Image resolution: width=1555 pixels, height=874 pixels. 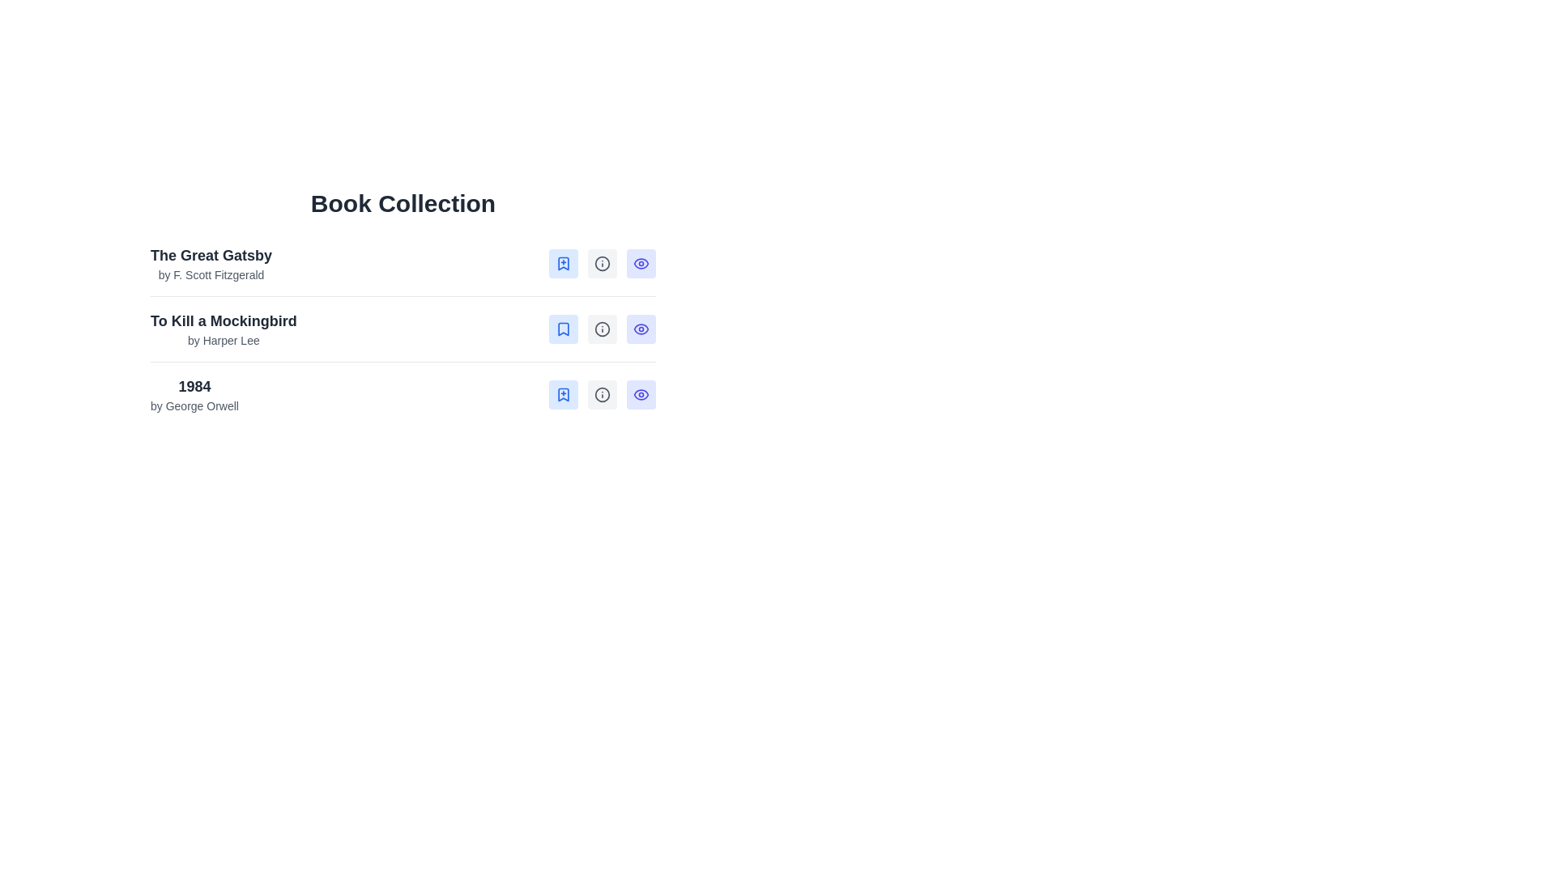 I want to click on the 'Details' button associated with the book 'To Kill a Mockingbird by Harper Lee', so click(x=602, y=329).